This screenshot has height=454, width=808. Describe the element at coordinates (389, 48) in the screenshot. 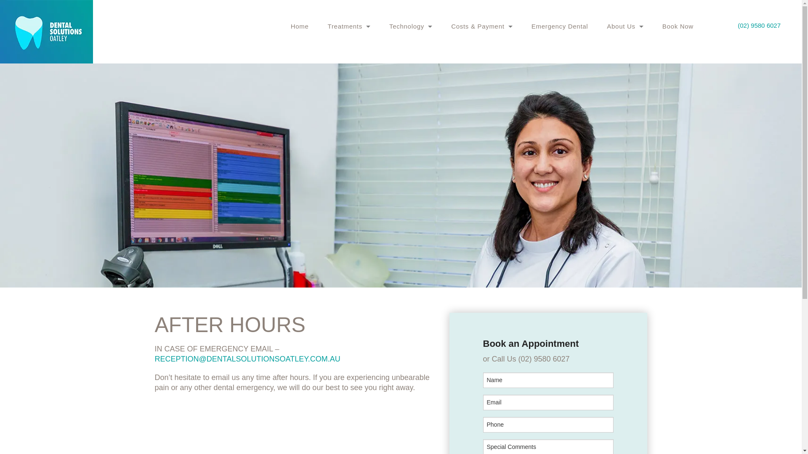

I see `'Diode Laser Dentistry'` at that location.